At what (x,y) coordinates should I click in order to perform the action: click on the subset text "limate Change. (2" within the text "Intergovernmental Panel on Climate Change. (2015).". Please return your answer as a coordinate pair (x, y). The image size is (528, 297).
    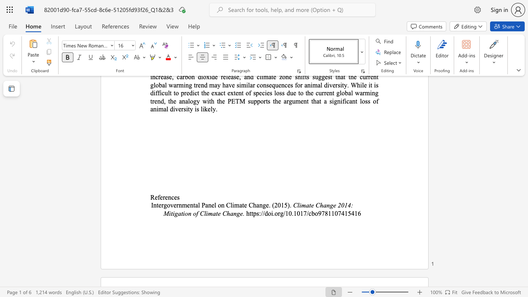
    Looking at the image, I should click on (230, 205).